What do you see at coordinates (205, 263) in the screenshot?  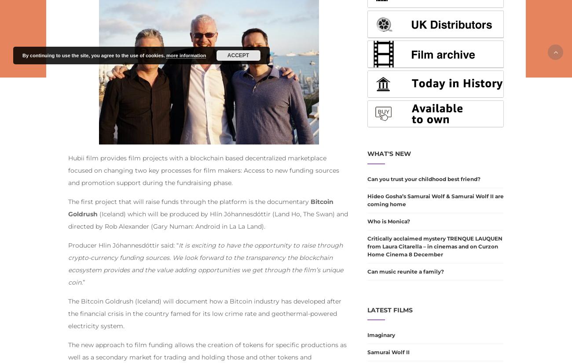 I see `'It is exciting to have the opportunity to raise through crypto-currency funding sources. We look forward to the transparency the blockchain ecosystem provides and the value adding opportunities we get through the film’s unique coin.'` at bounding box center [205, 263].